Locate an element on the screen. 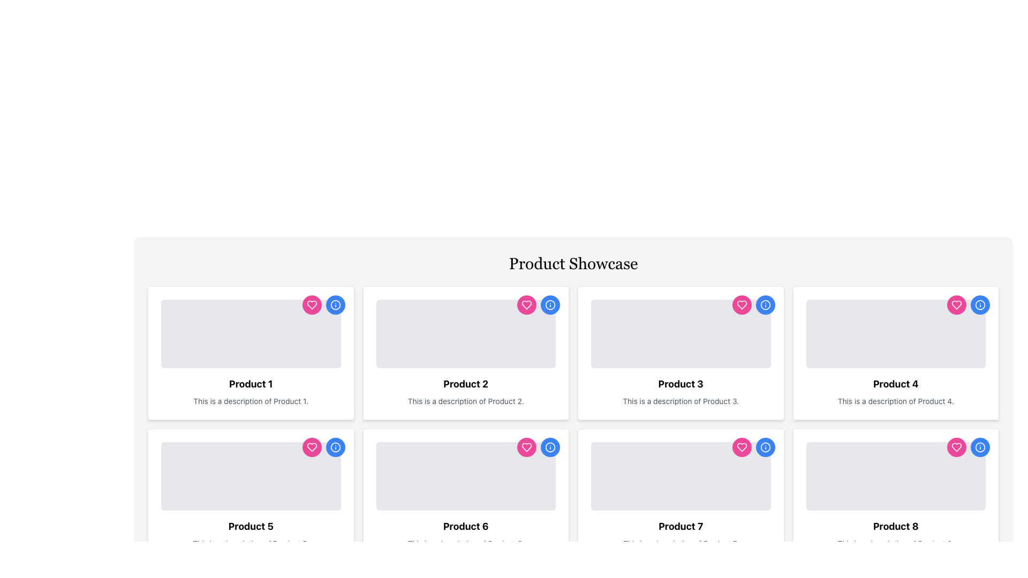 Image resolution: width=1028 pixels, height=578 pixels. the heart-shaped favorite/like toggle icon for Product 4 to receive additional visual feedback is located at coordinates (956, 447).